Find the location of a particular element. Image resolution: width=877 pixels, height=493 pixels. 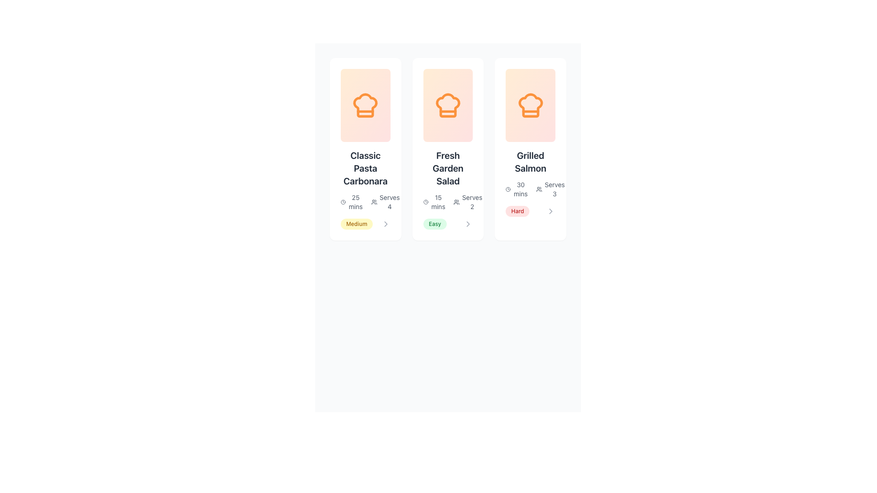

the text label displaying 'Fresh Garden Salad', which is centrally positioned within the middle recipe card is located at coordinates (448, 168).